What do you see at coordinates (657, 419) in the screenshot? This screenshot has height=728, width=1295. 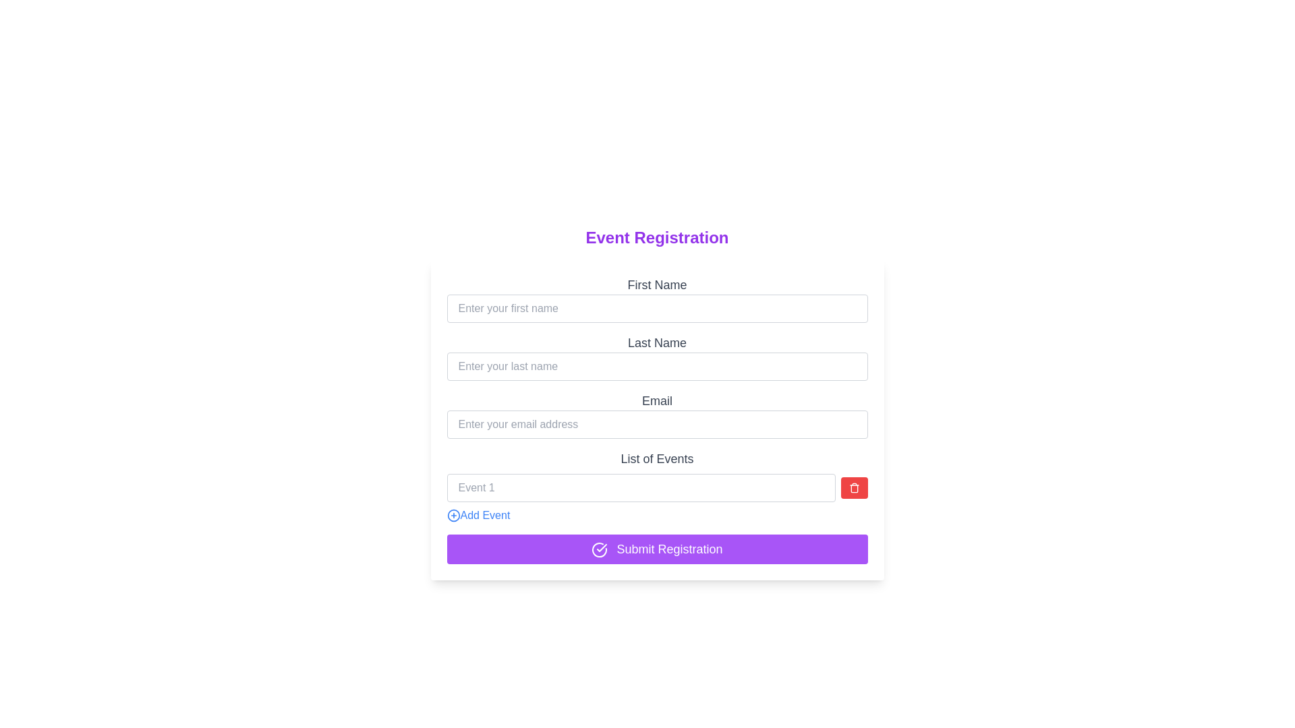 I see `the email input field, which is the third input field in a vertically stacked form, located below the 'Last Name' field and above the 'List of Events' section` at bounding box center [657, 419].